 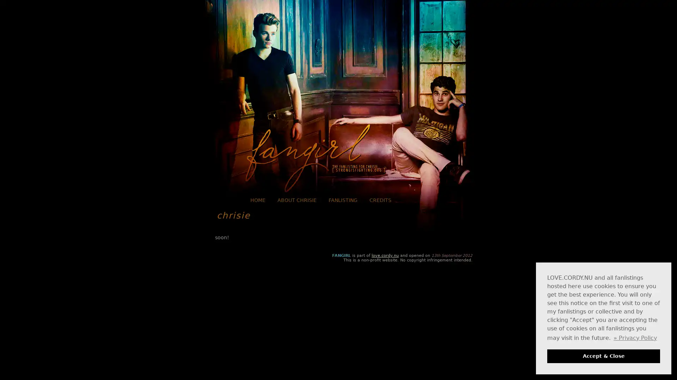 I want to click on dismiss cookie message, so click(x=603, y=356).